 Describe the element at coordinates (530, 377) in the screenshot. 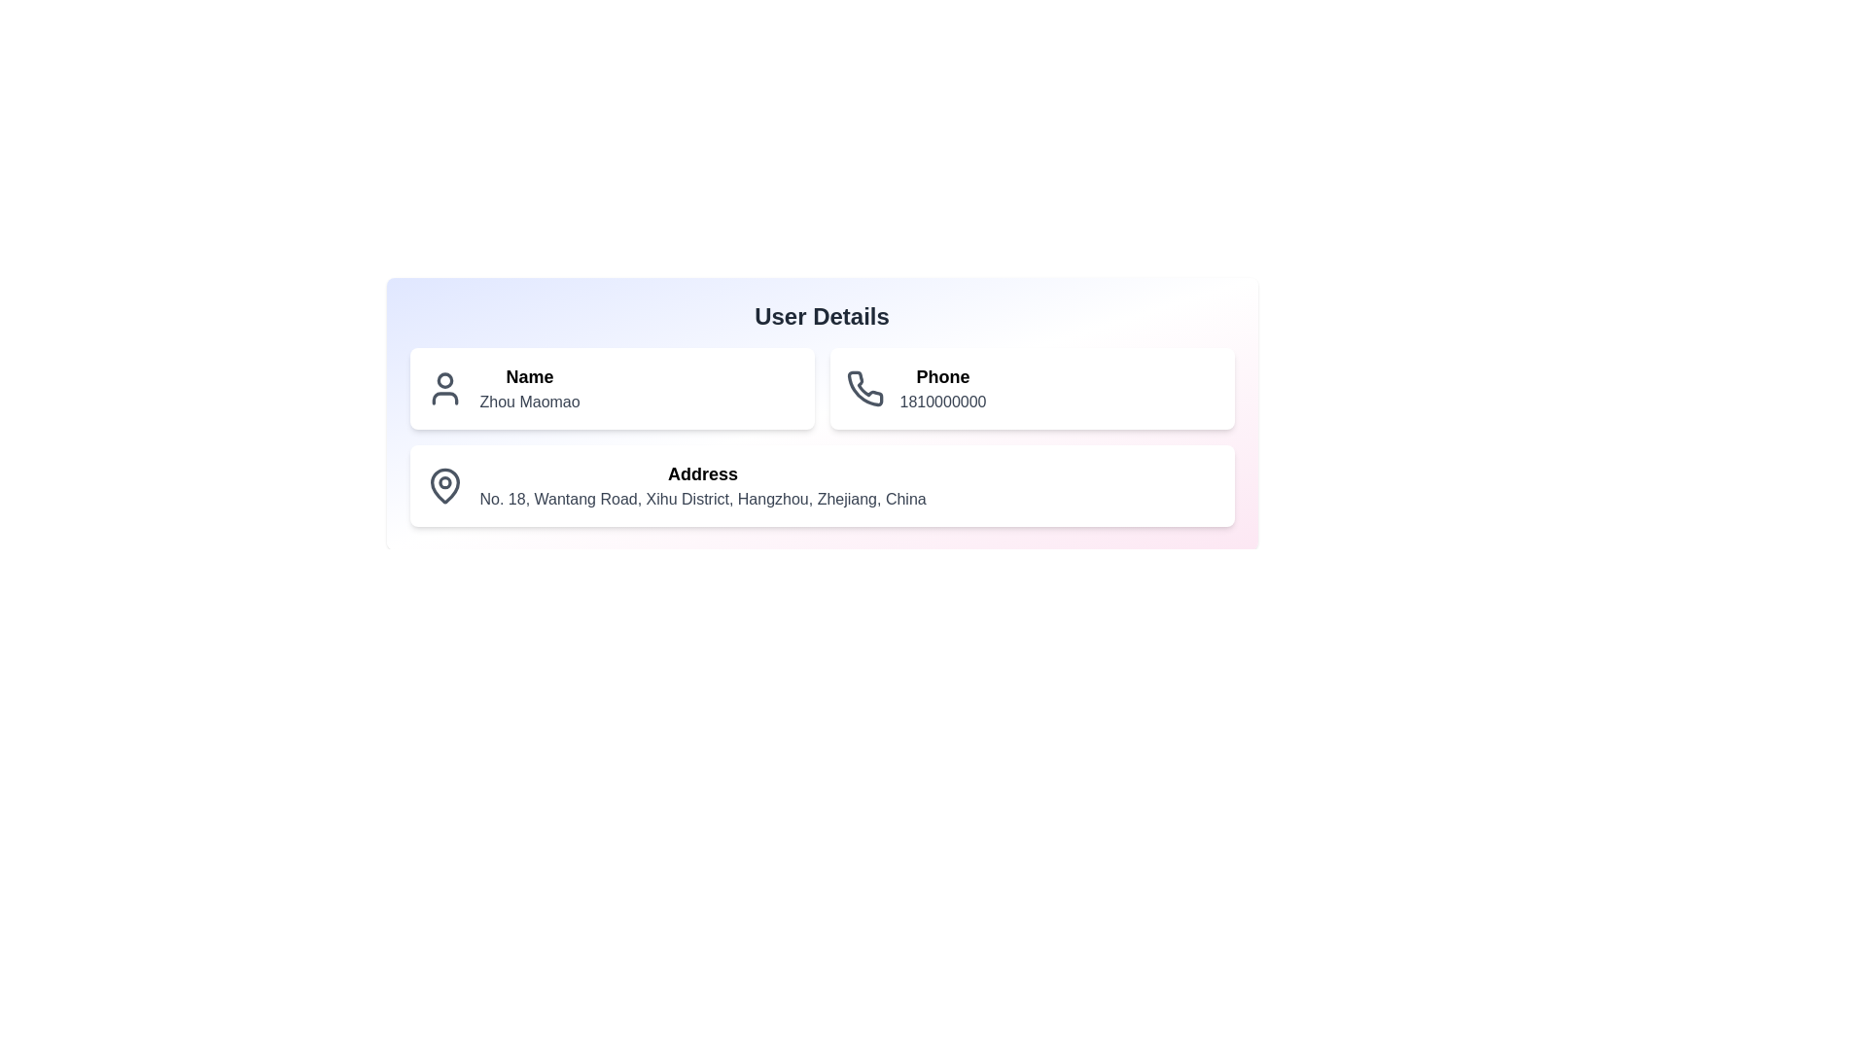

I see `the 'Name' text label, which is bolded and enlarged, located above the user 'Zhou Maomao' on the user details card in the top-left section` at that location.